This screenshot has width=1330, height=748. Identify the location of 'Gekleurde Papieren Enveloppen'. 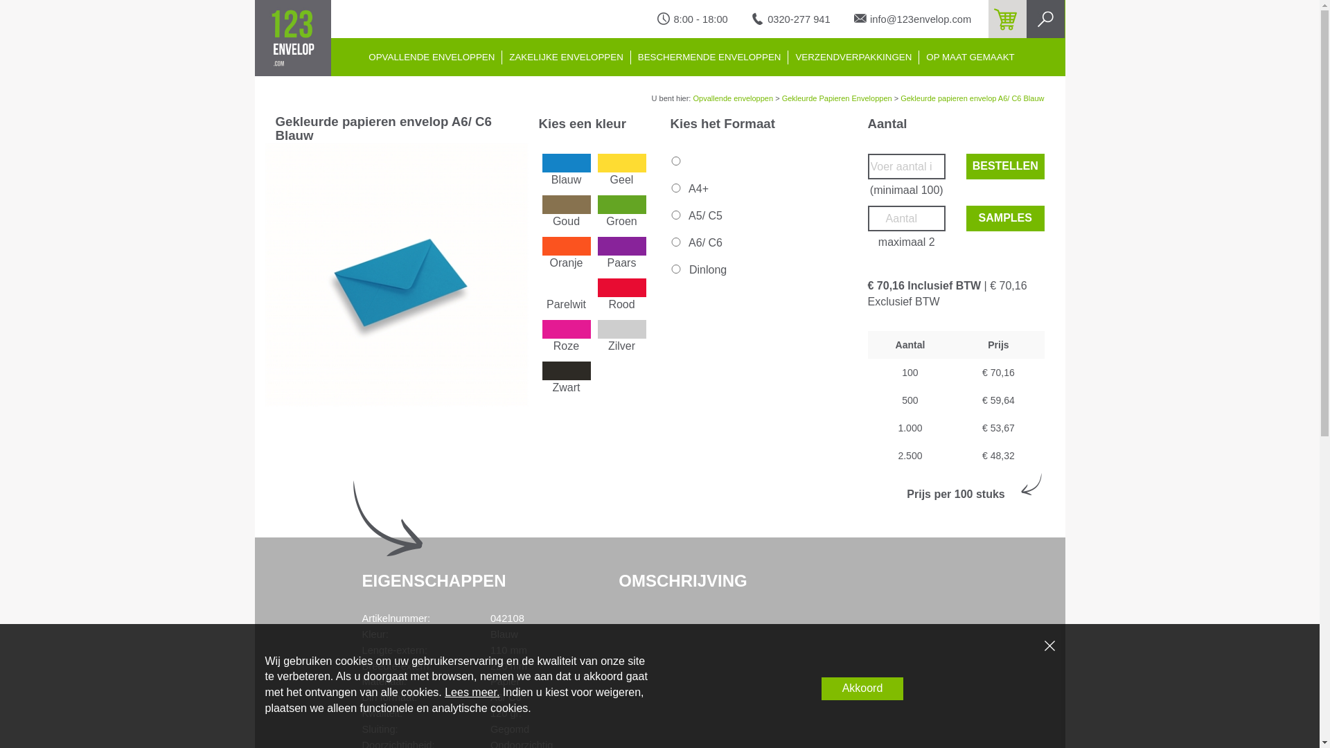
(836, 98).